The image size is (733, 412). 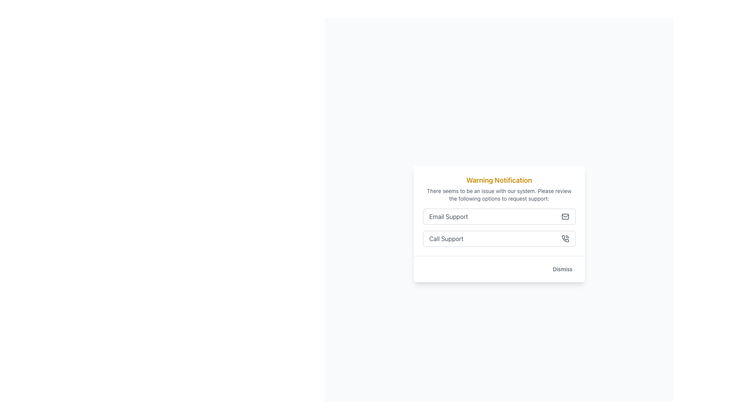 I want to click on the vertical group of two buttons labeled 'Email Support' and 'Call Support' in the notification panel, so click(x=499, y=227).